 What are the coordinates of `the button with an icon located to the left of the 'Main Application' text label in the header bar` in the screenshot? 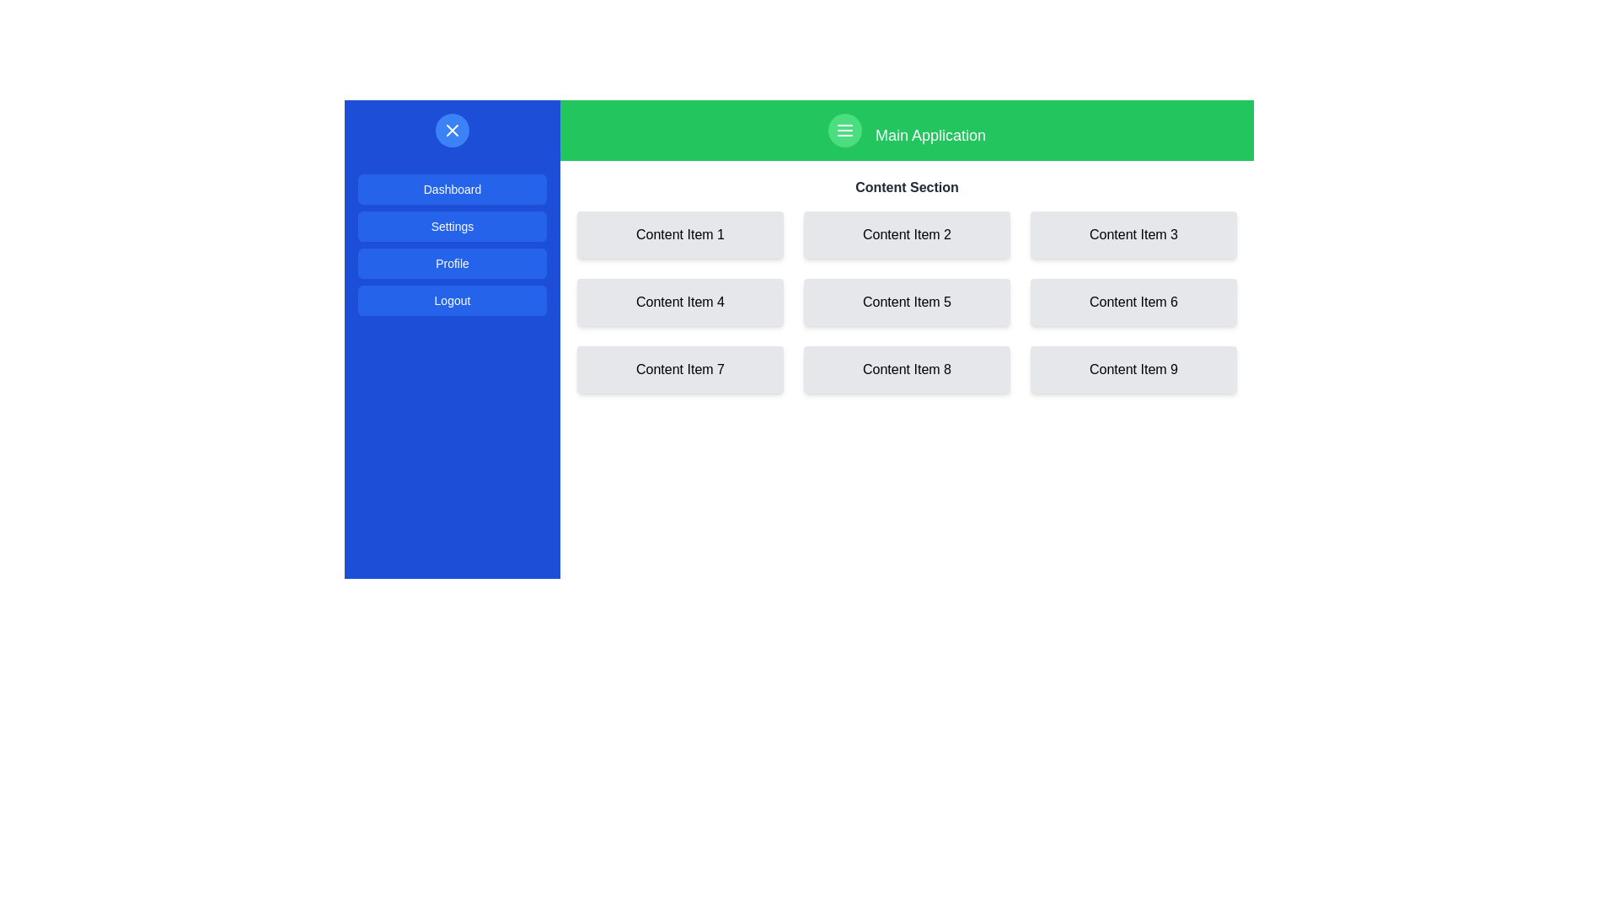 It's located at (845, 129).